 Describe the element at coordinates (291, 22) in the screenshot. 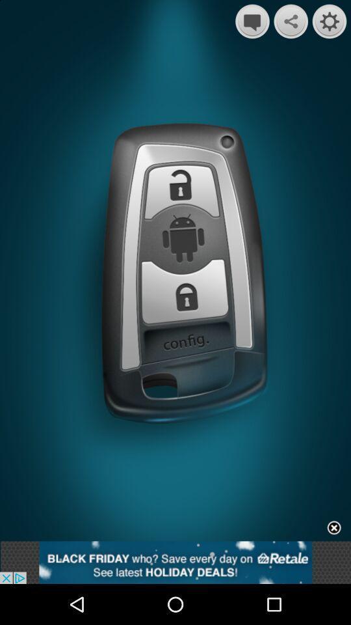

I see `the share icon` at that location.